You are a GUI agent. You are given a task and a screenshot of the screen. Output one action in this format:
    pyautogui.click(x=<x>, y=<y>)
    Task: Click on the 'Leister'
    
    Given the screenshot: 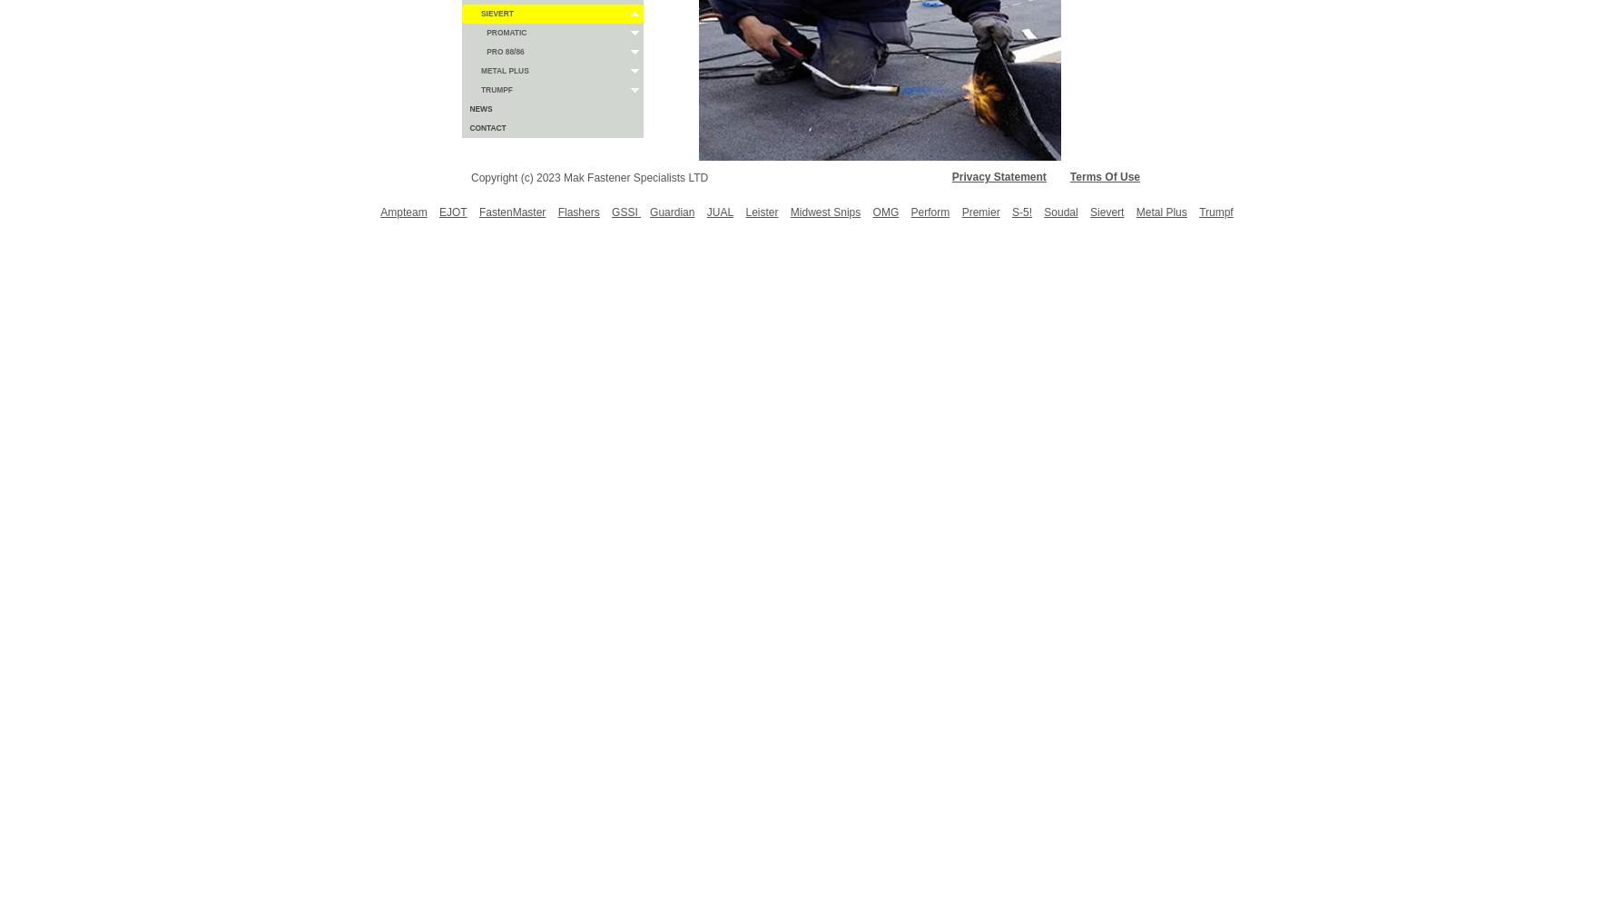 What is the action you would take?
    pyautogui.click(x=761, y=212)
    